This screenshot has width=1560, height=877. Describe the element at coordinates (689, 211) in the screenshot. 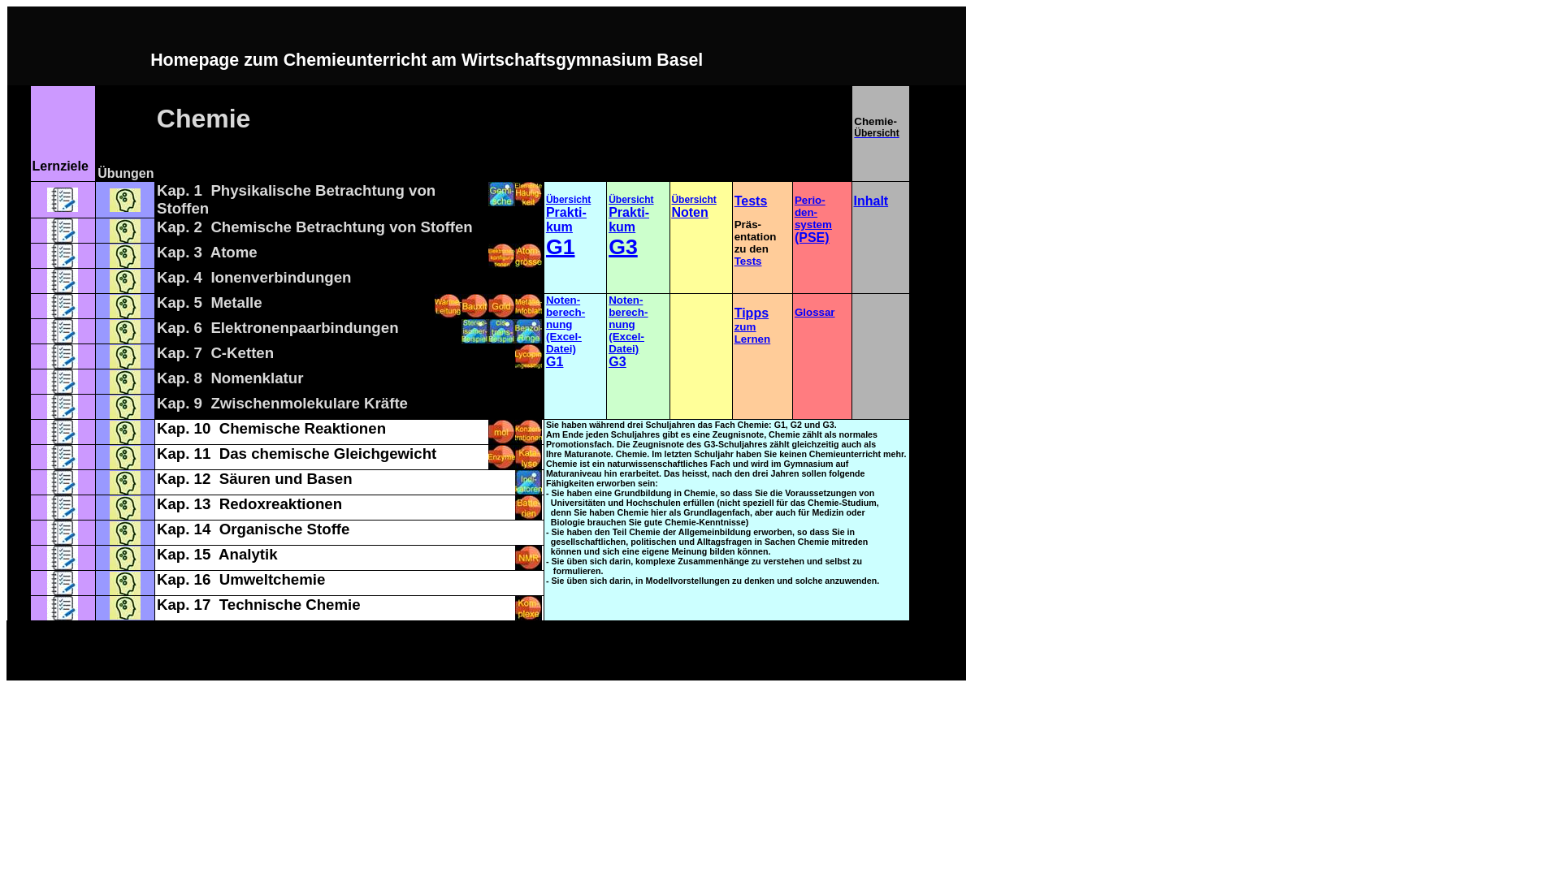

I see `'Noten'` at that location.